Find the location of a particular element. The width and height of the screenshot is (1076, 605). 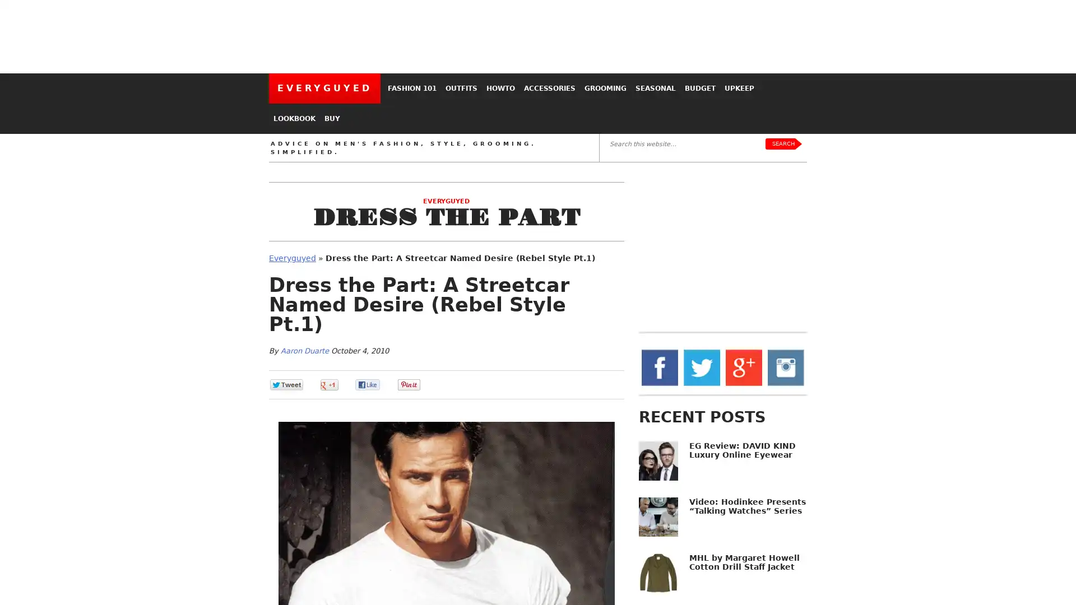

Search is located at coordinates (782, 143).